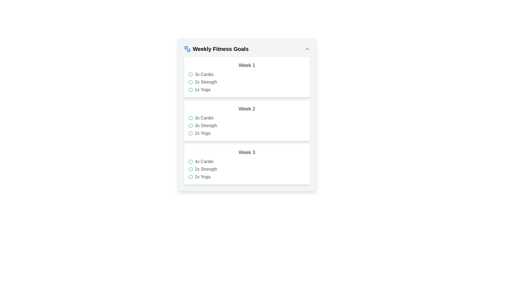  Describe the element at coordinates (190, 169) in the screenshot. I see `the status indicated by the circular green outlined icon with a white interior, located adjacent to the '2x Strength' text in the 'Week 3' section` at that location.